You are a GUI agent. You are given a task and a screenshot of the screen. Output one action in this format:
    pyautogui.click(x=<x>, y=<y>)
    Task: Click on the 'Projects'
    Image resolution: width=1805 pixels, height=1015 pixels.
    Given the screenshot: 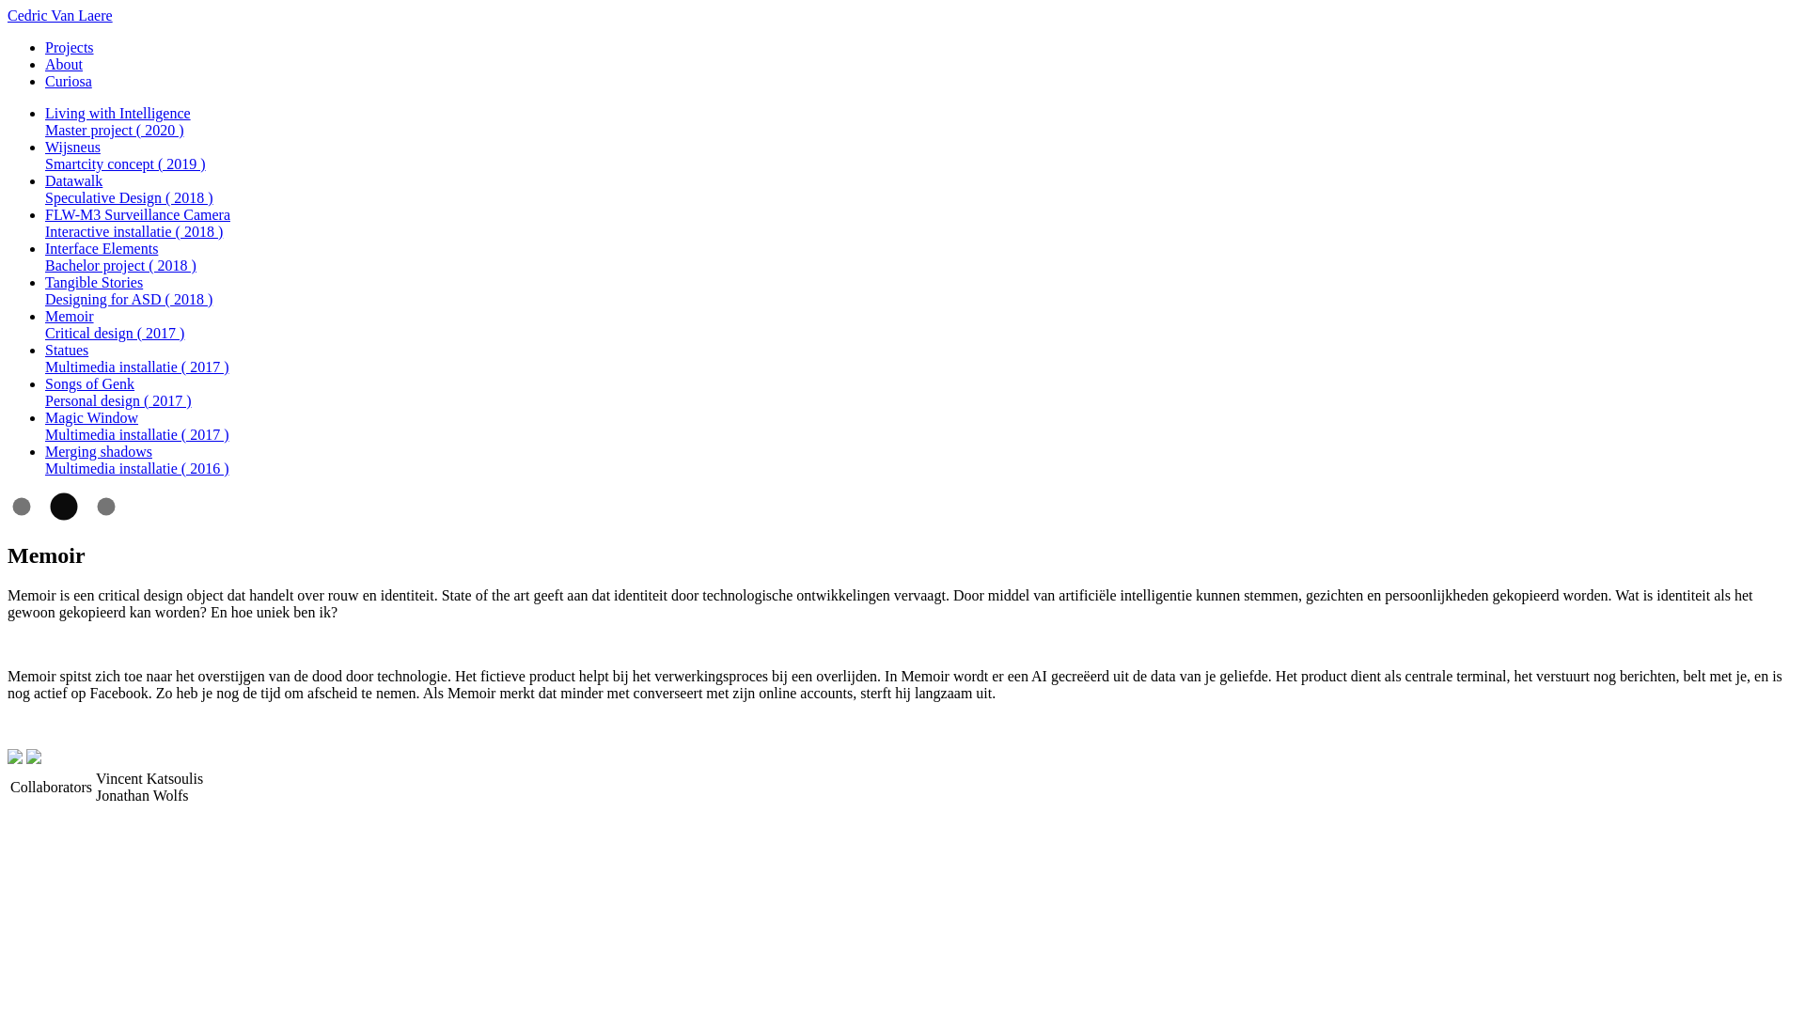 What is the action you would take?
    pyautogui.click(x=69, y=46)
    